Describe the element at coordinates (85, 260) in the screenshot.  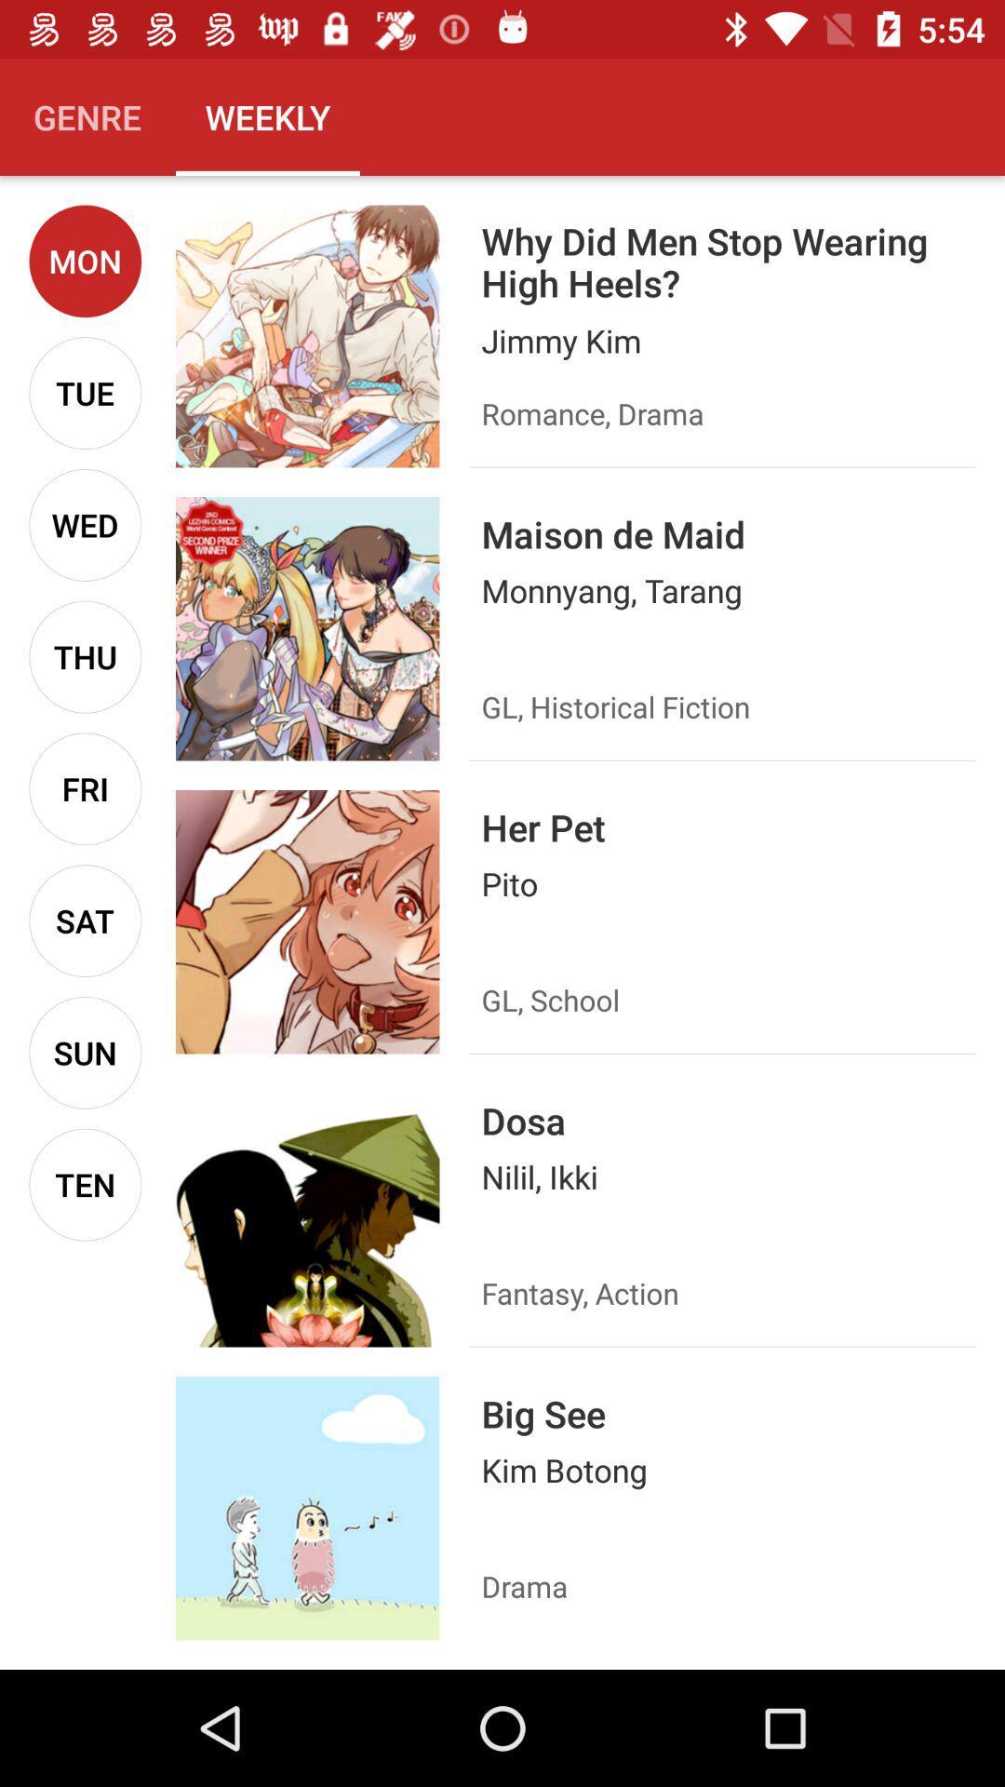
I see `mon` at that location.